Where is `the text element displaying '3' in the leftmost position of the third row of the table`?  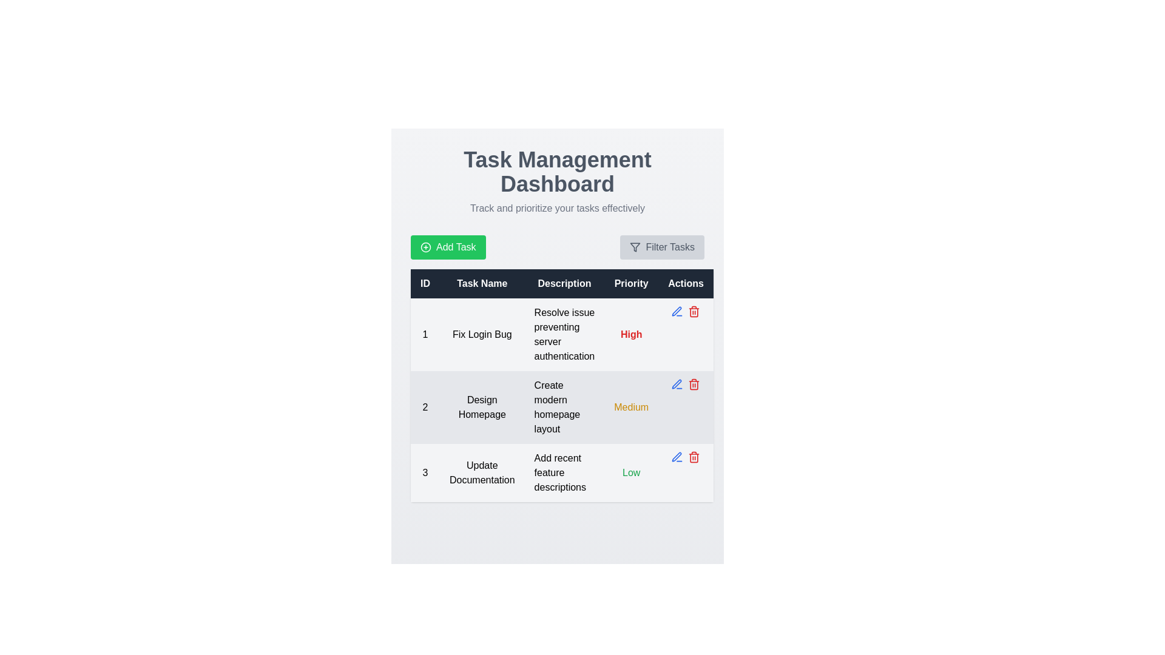 the text element displaying '3' in the leftmost position of the third row of the table is located at coordinates (425, 472).